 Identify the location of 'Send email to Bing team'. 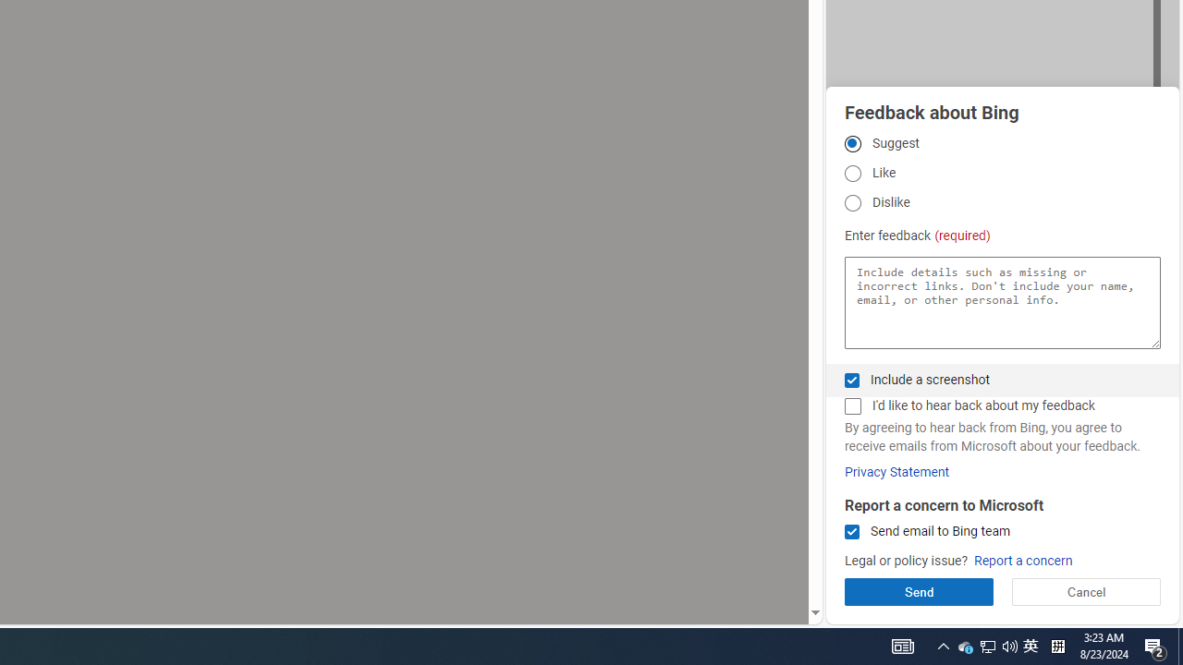
(851, 532).